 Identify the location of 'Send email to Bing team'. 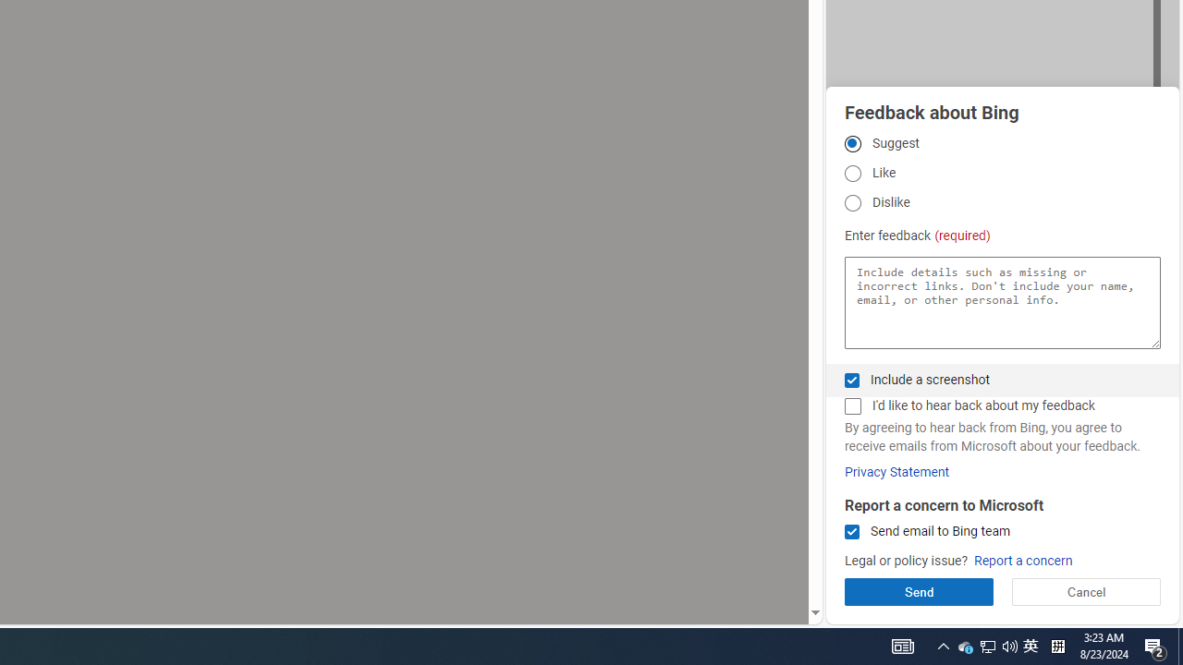
(851, 532).